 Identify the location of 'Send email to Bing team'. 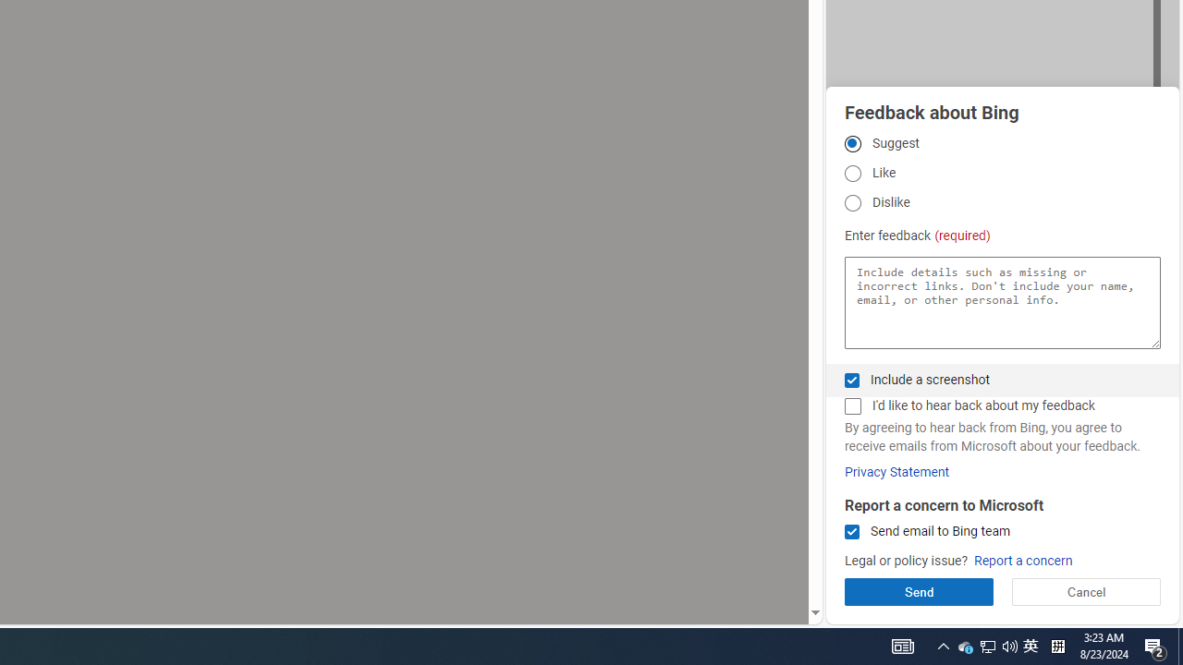
(851, 532).